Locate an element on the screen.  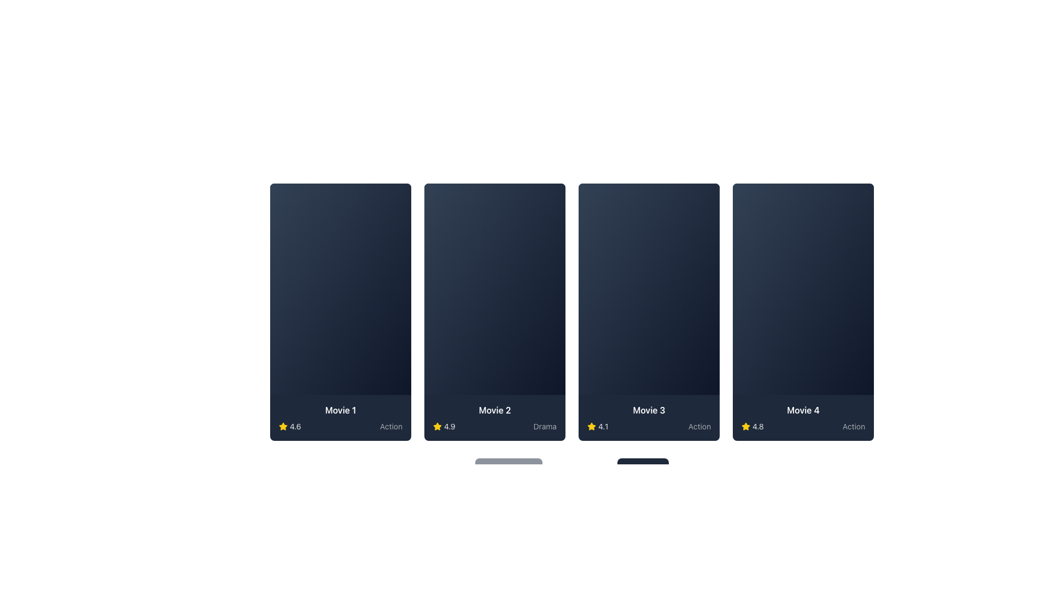
rating value displayed in the bottom-left corner of the fourth movie card in the grid layout is located at coordinates (752, 426).